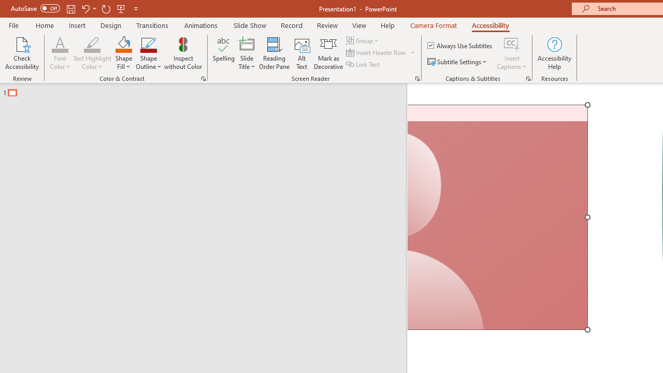 The height and width of the screenshot is (373, 663). Describe the element at coordinates (434, 25) in the screenshot. I see `'Camera Format'` at that location.